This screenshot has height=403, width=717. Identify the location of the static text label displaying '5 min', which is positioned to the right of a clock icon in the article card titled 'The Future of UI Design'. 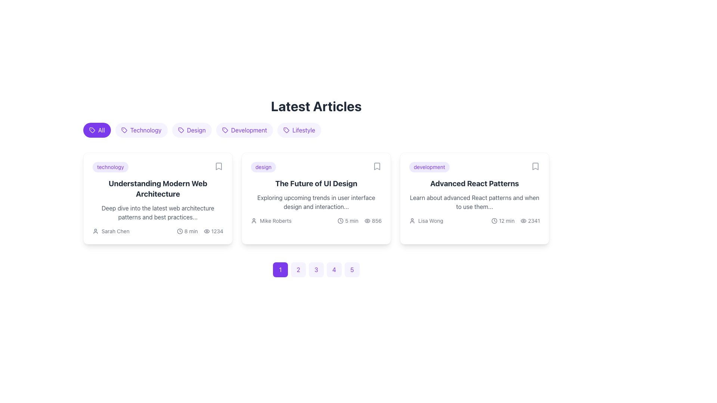
(351, 220).